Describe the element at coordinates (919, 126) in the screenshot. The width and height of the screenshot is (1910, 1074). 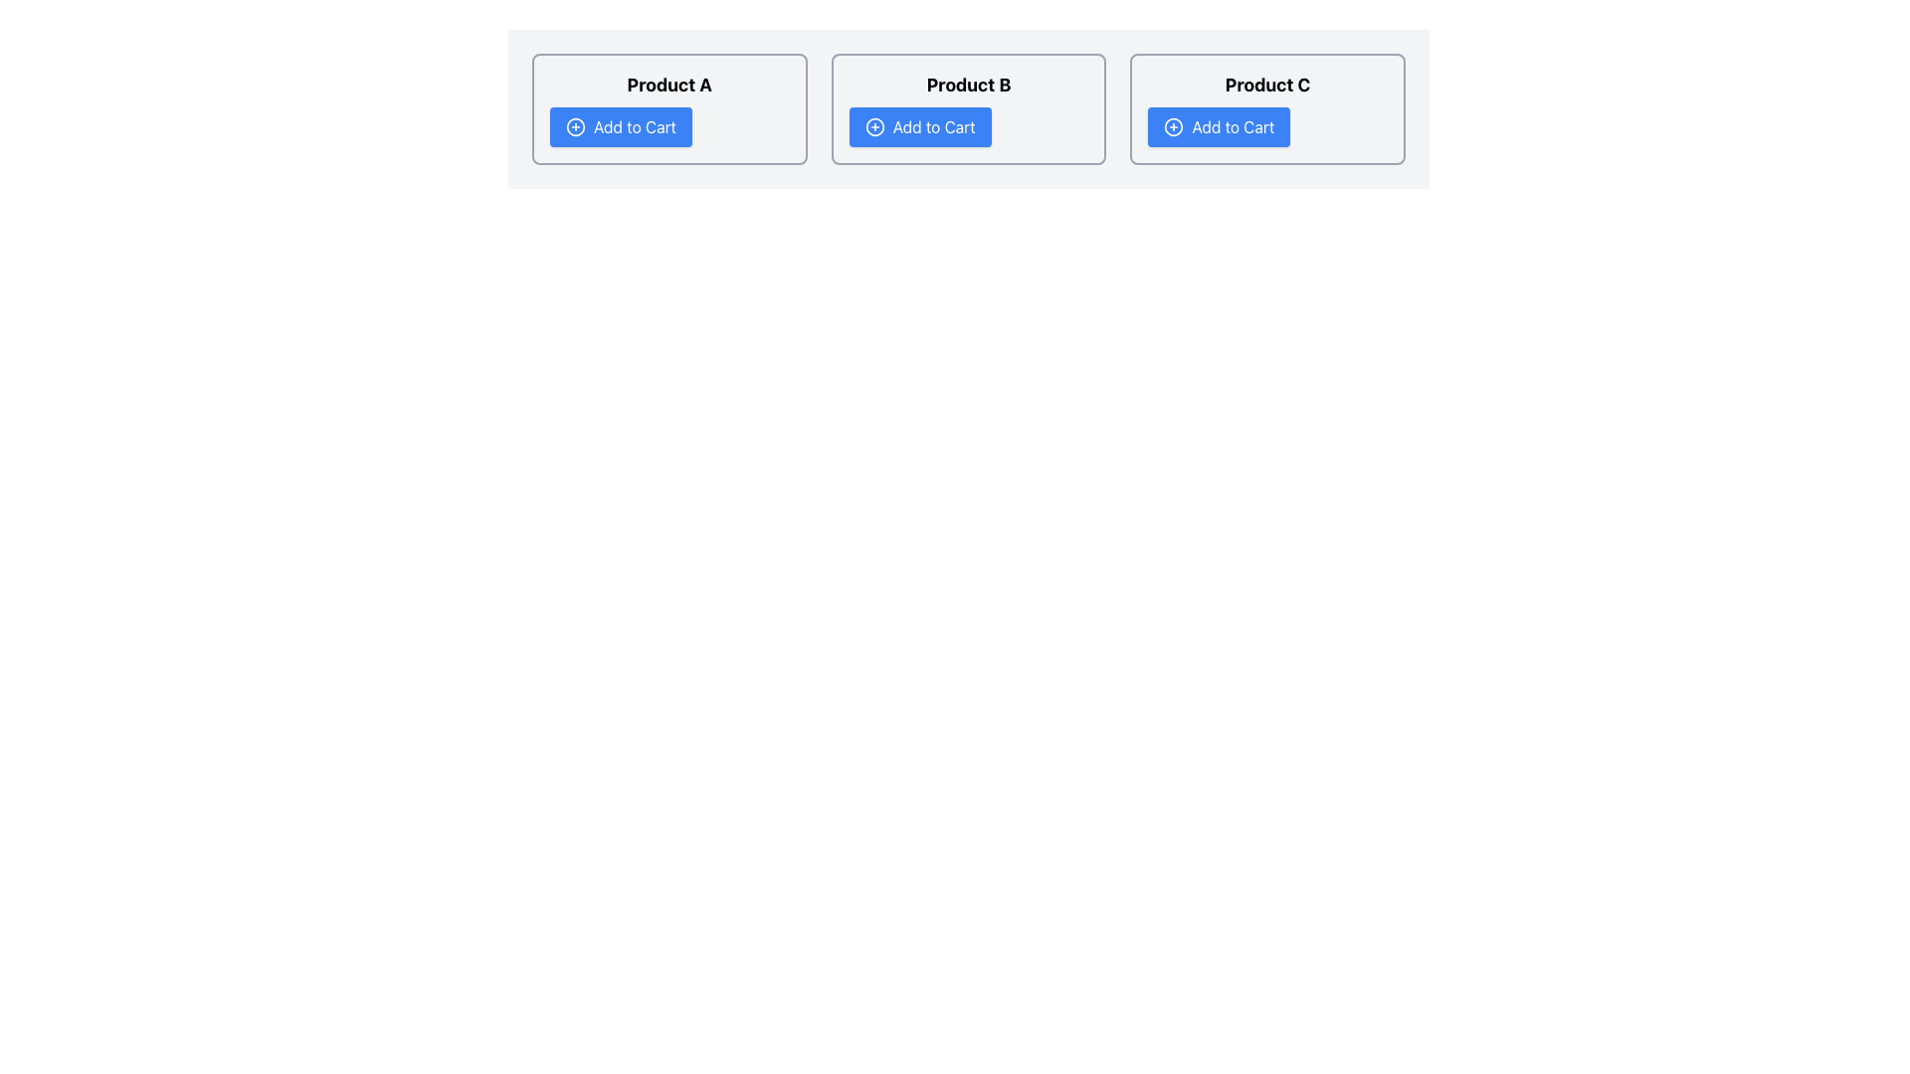
I see `the 'Add to Cart' button with a blue background and white text, located centrally within the 'Product B' box` at that location.